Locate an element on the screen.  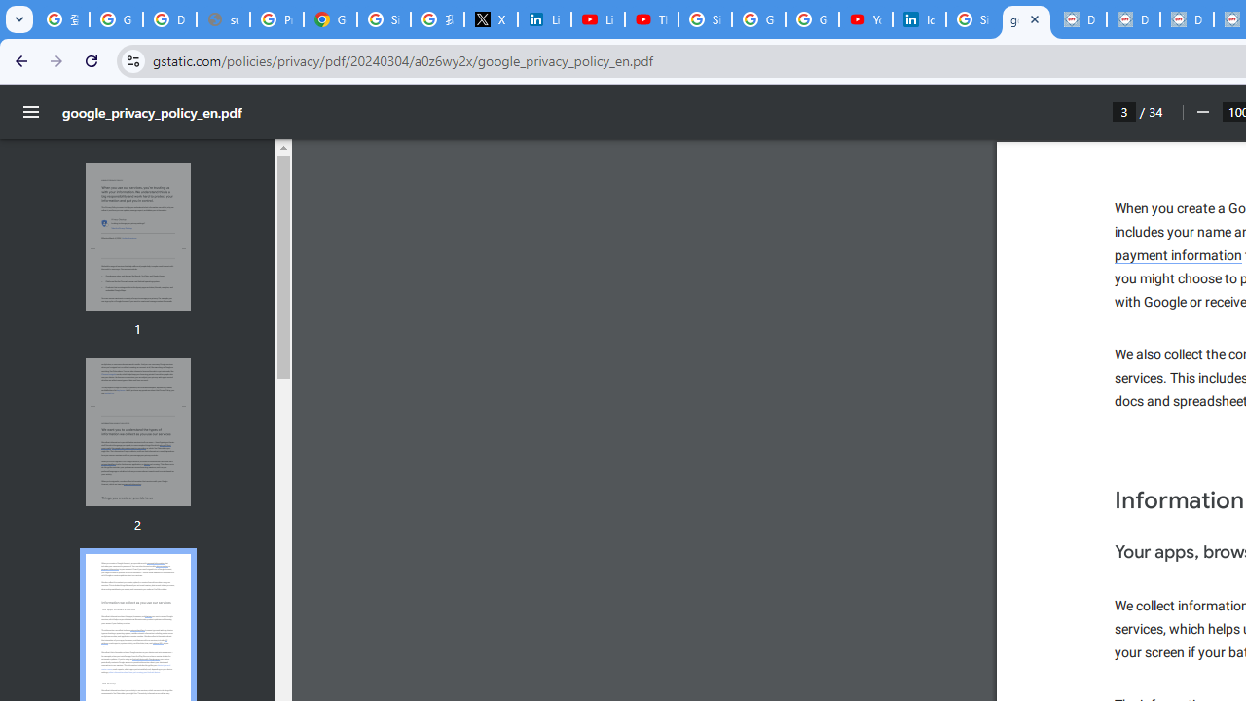
'X' is located at coordinates (491, 19).